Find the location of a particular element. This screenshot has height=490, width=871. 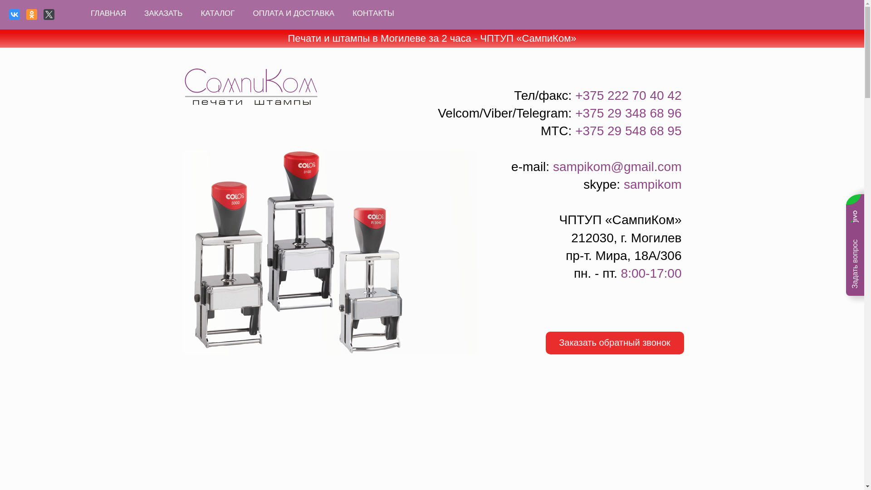

'sampikom' is located at coordinates (623, 184).